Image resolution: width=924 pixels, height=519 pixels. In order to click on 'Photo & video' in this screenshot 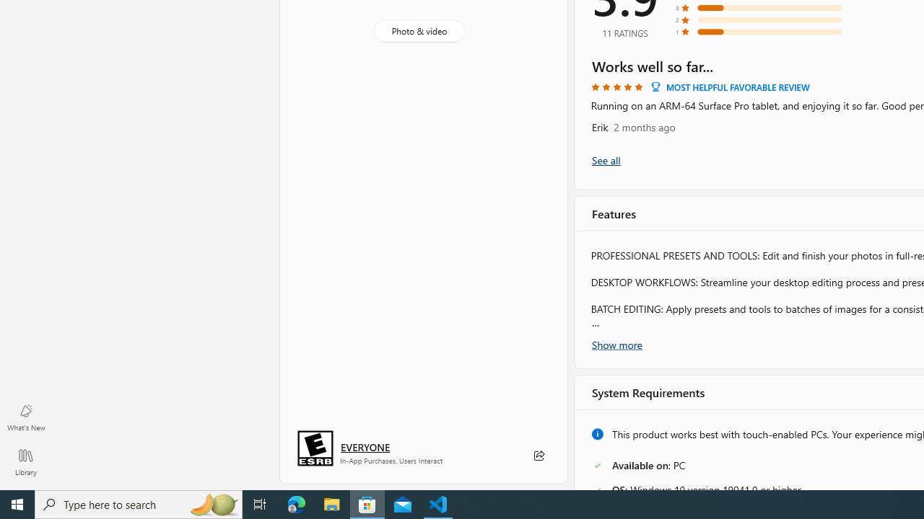, I will do `click(417, 31)`.